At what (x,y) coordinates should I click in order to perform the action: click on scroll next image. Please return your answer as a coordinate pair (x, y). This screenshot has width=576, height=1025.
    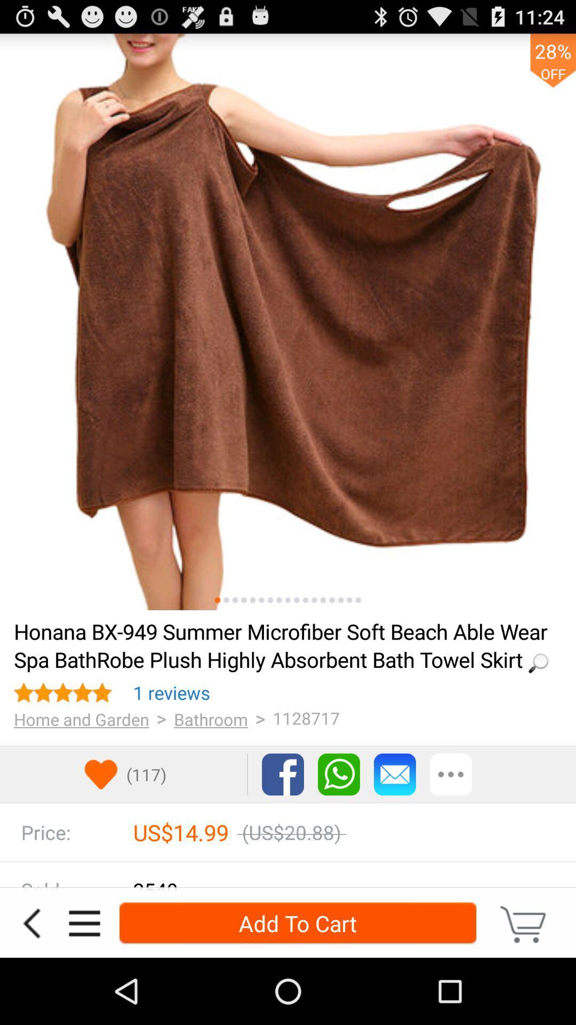
    Looking at the image, I should click on (314, 600).